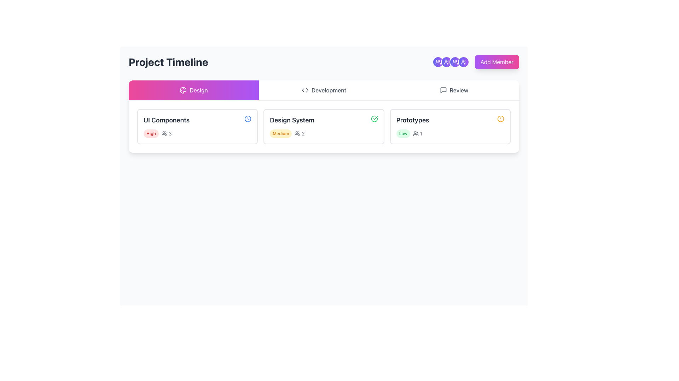  What do you see at coordinates (500, 118) in the screenshot?
I see `status notification icon adjacent to the 'Prototypes' text by clicking on it` at bounding box center [500, 118].